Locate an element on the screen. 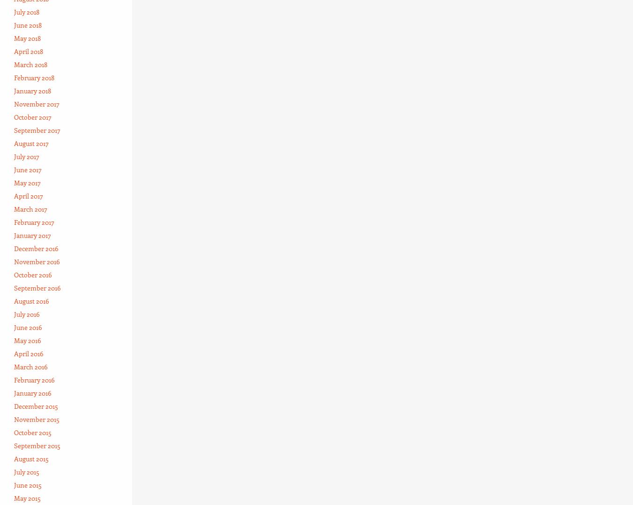 The height and width of the screenshot is (505, 633). 'October 2016' is located at coordinates (13, 274).